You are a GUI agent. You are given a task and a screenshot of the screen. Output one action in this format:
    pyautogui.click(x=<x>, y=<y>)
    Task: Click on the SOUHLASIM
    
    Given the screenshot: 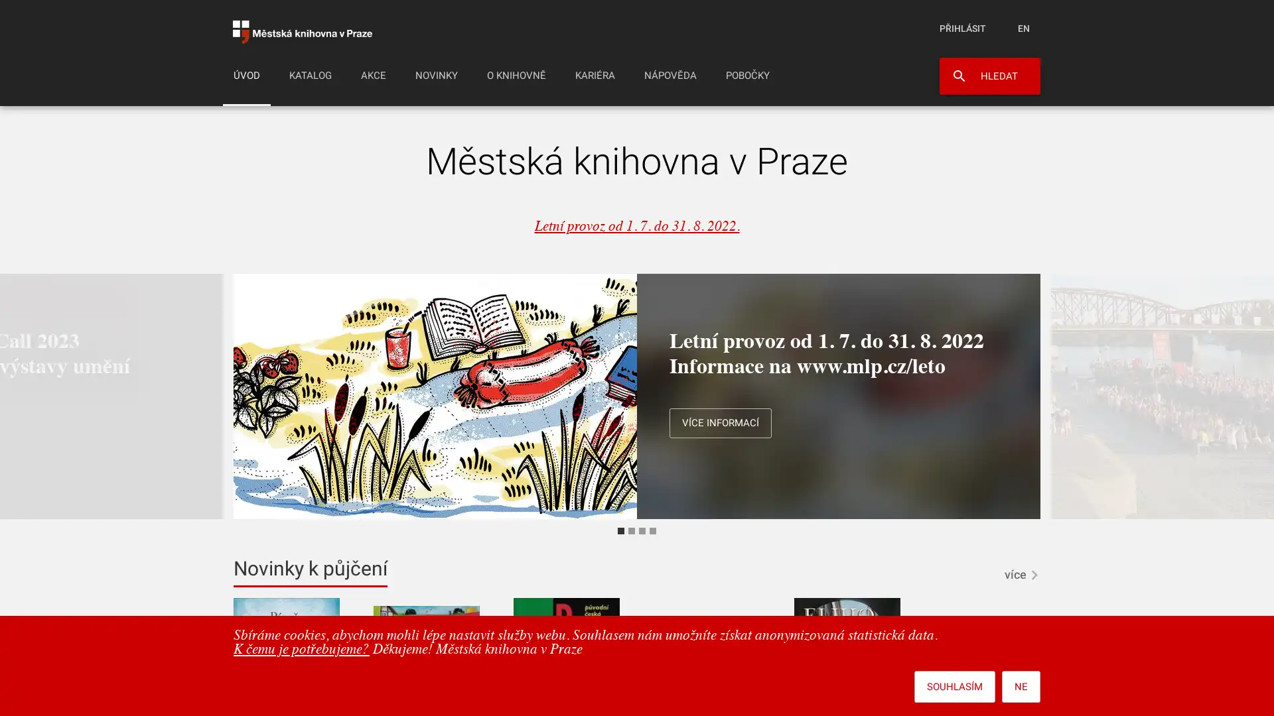 What is the action you would take?
    pyautogui.click(x=954, y=686)
    